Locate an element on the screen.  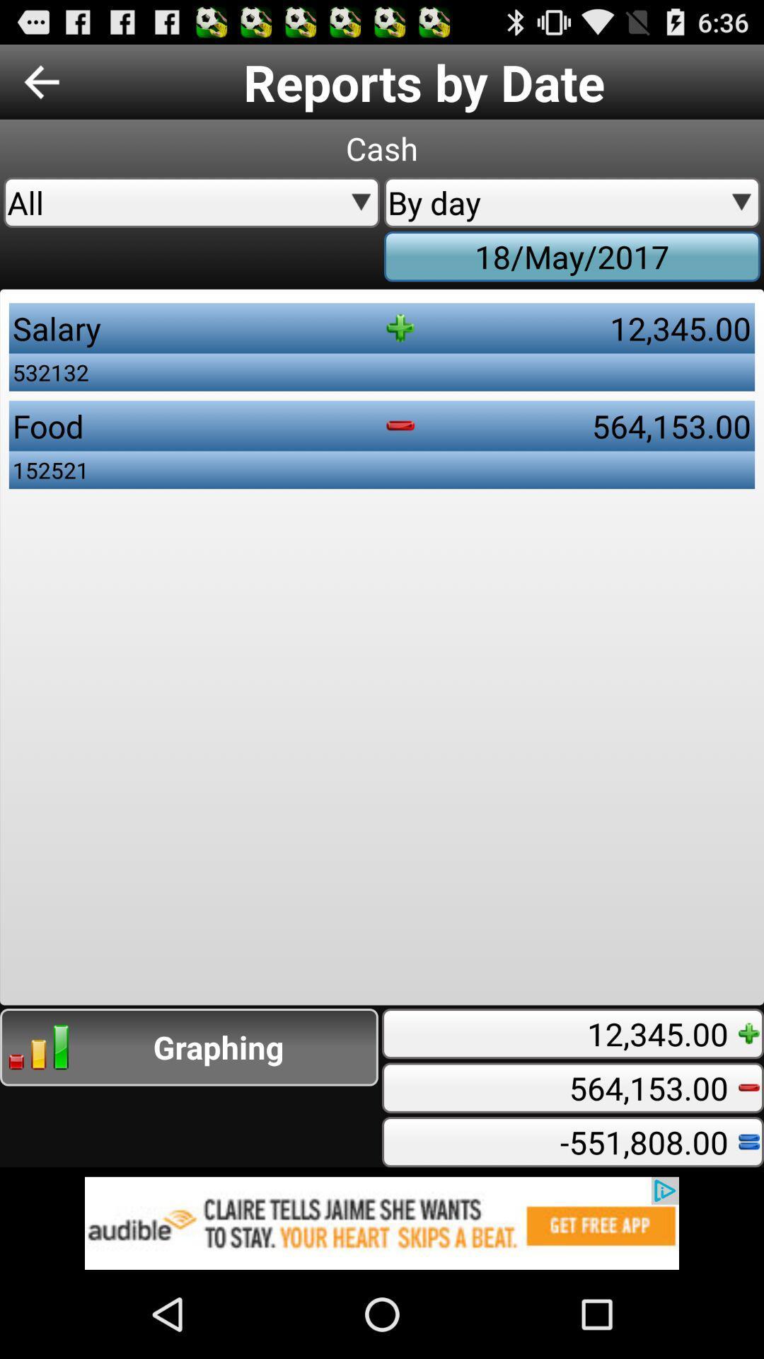
the arrow_backward icon is located at coordinates (41, 87).